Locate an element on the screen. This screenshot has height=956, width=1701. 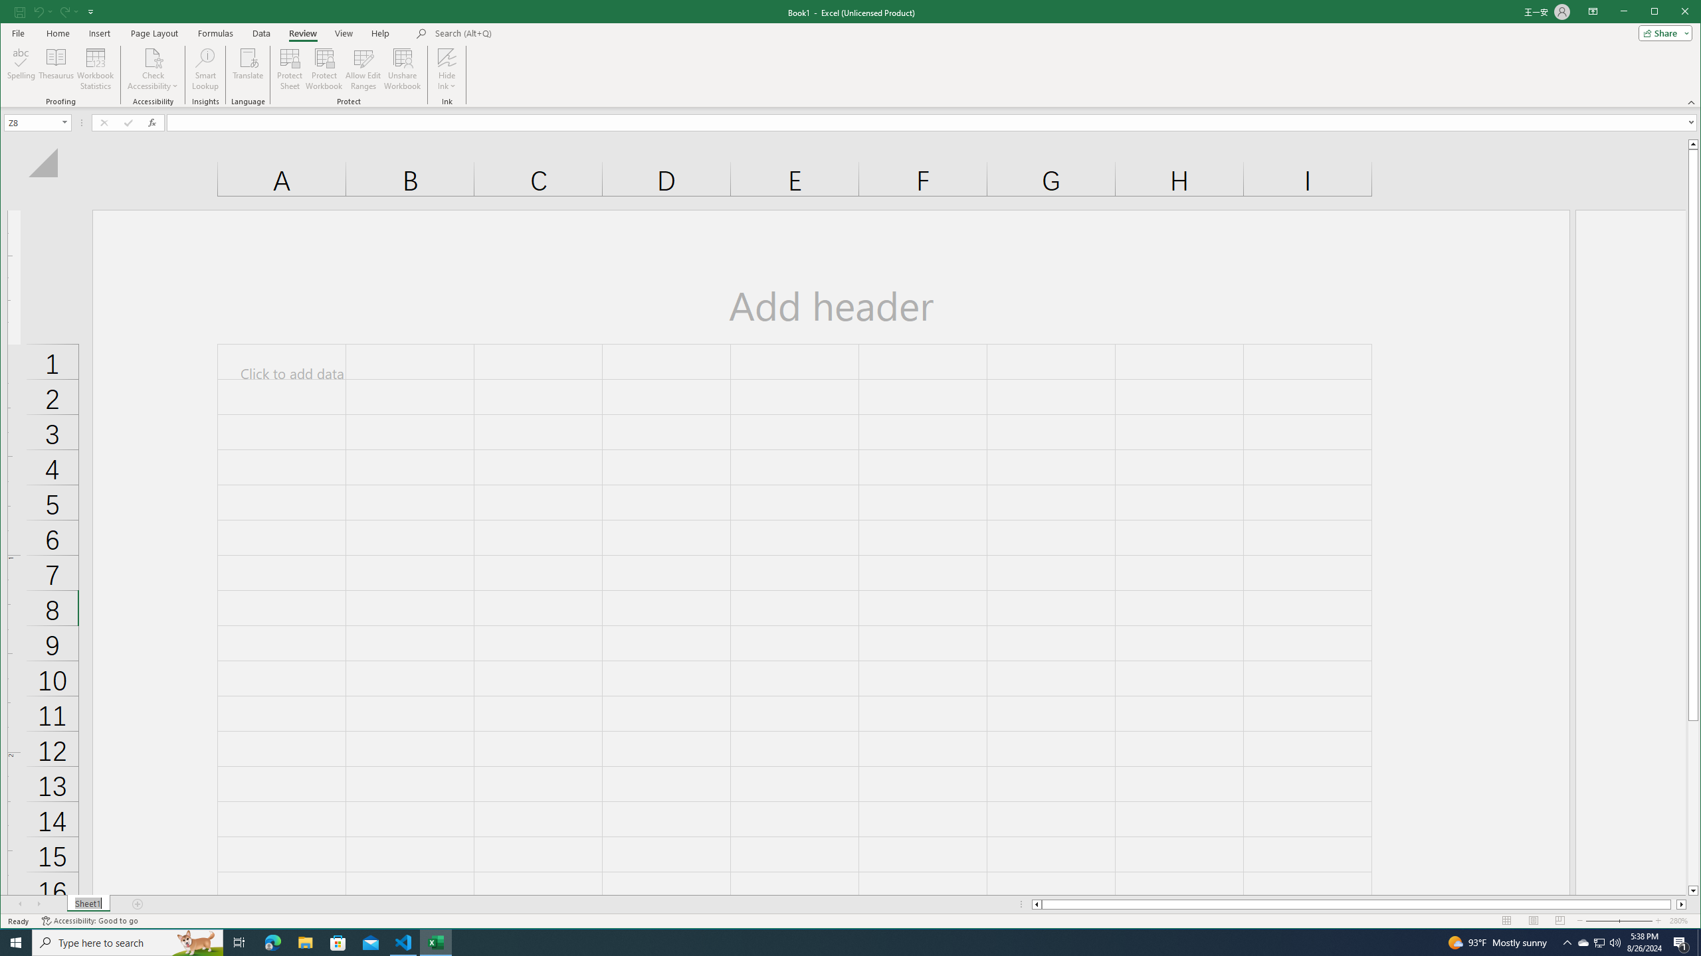
'Type here to search' is located at coordinates (127, 941).